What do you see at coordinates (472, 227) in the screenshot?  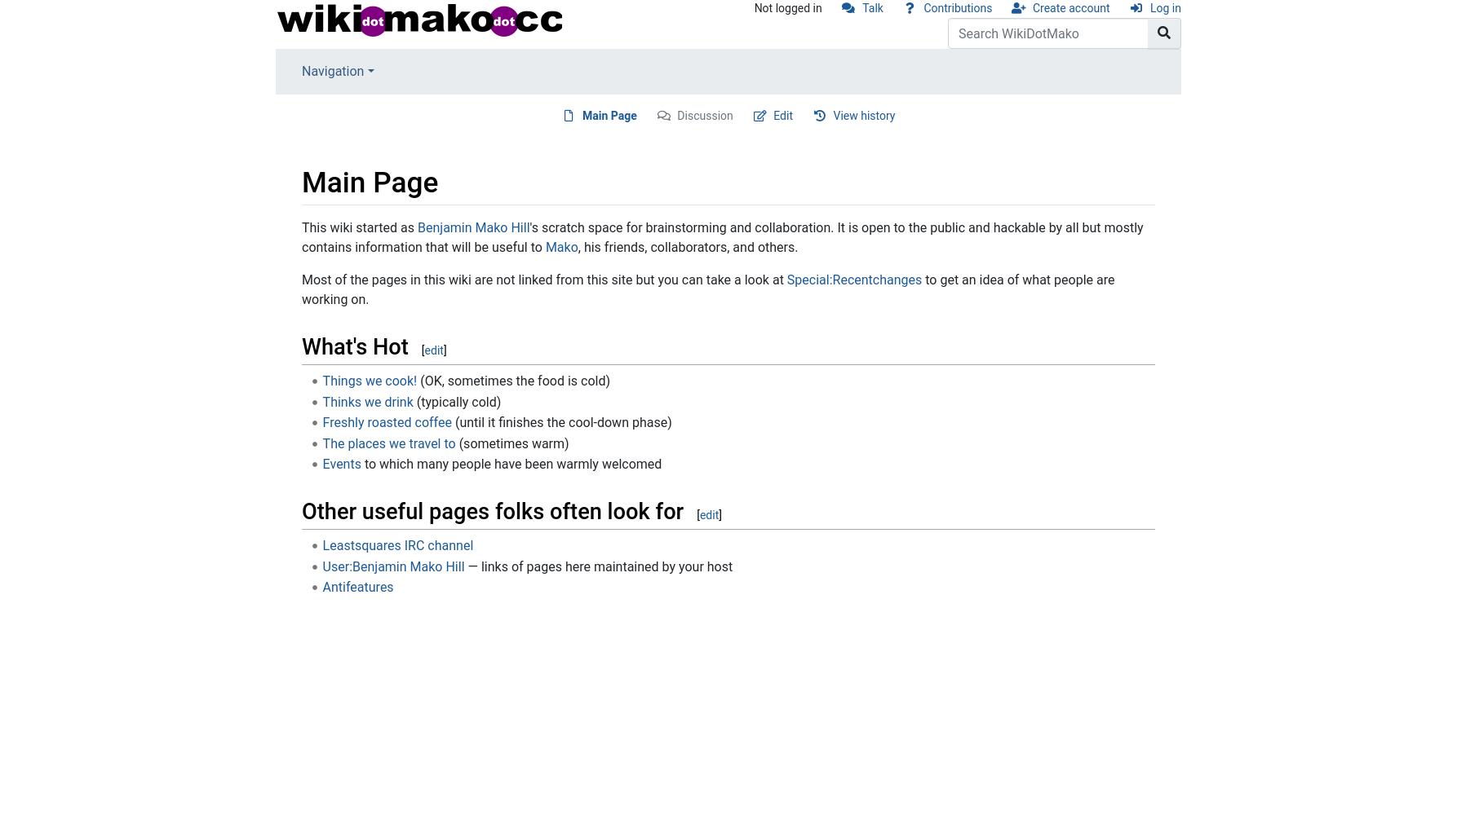 I see `'Benjamin Mako Hill'` at bounding box center [472, 227].